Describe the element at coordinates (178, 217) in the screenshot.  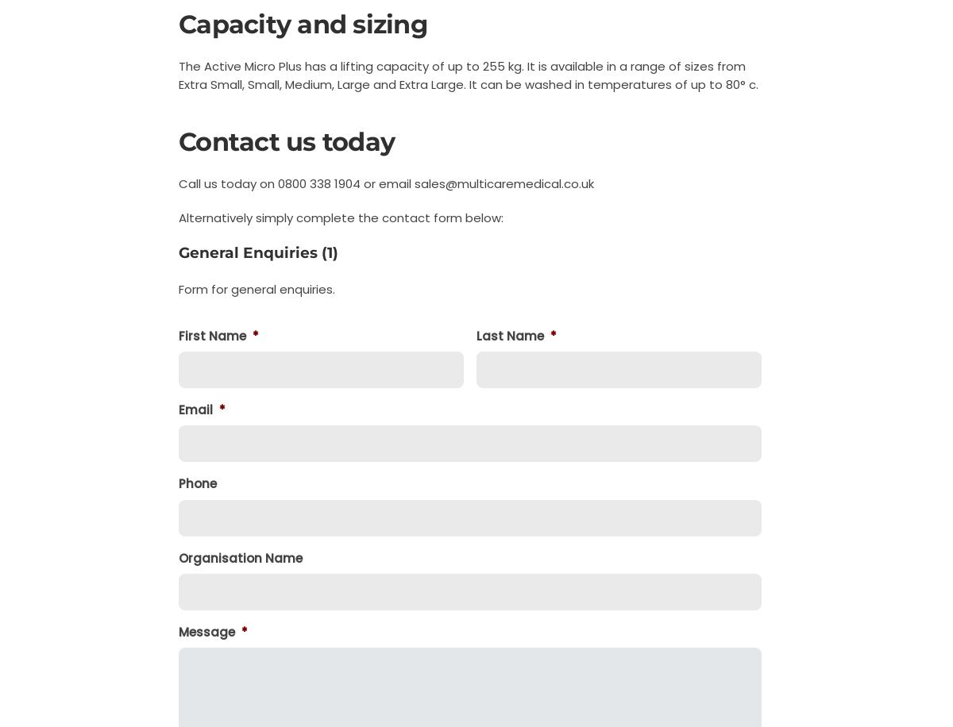
I see `'Alternatively simply complete the contact form below:'` at that location.